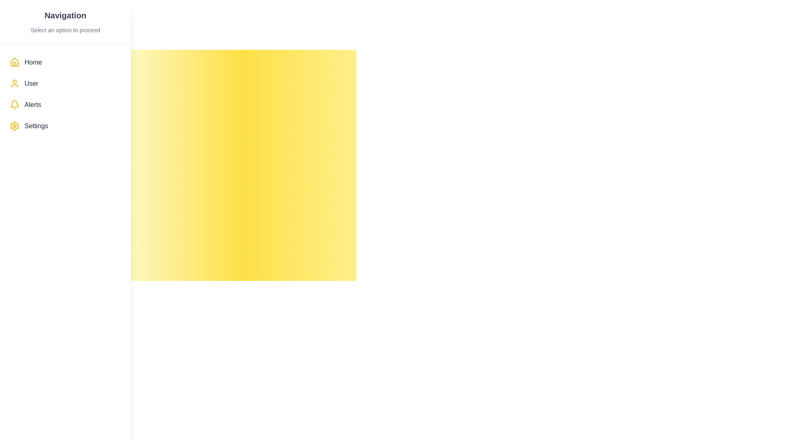 The image size is (785, 441). What do you see at coordinates (65, 29) in the screenshot?
I see `the text label that reads 'Select an option to proceed', which is styled in a smaller font size and light gray color, located beneath the bold heading 'Navigation'` at bounding box center [65, 29].